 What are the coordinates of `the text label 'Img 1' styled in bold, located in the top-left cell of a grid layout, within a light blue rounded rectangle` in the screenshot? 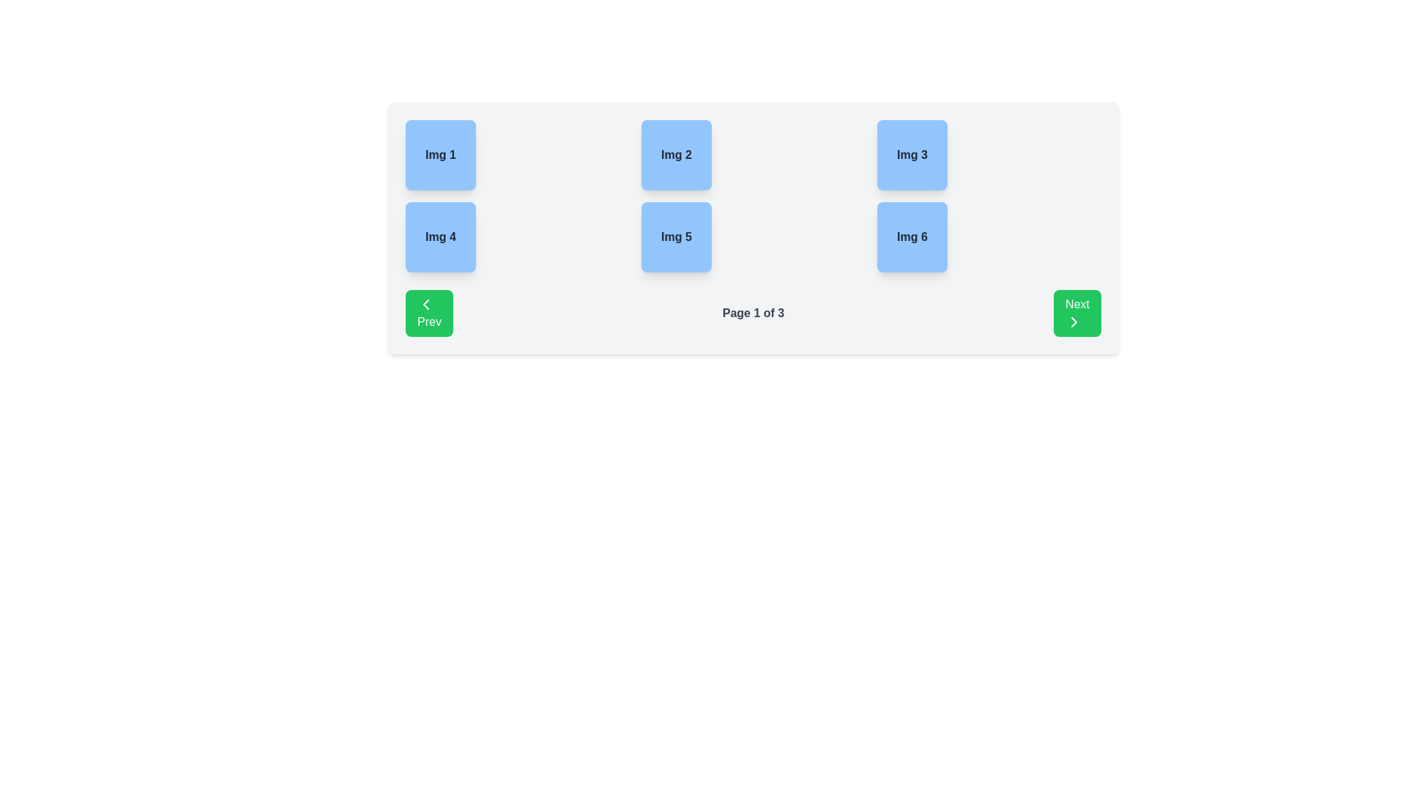 It's located at (439, 155).